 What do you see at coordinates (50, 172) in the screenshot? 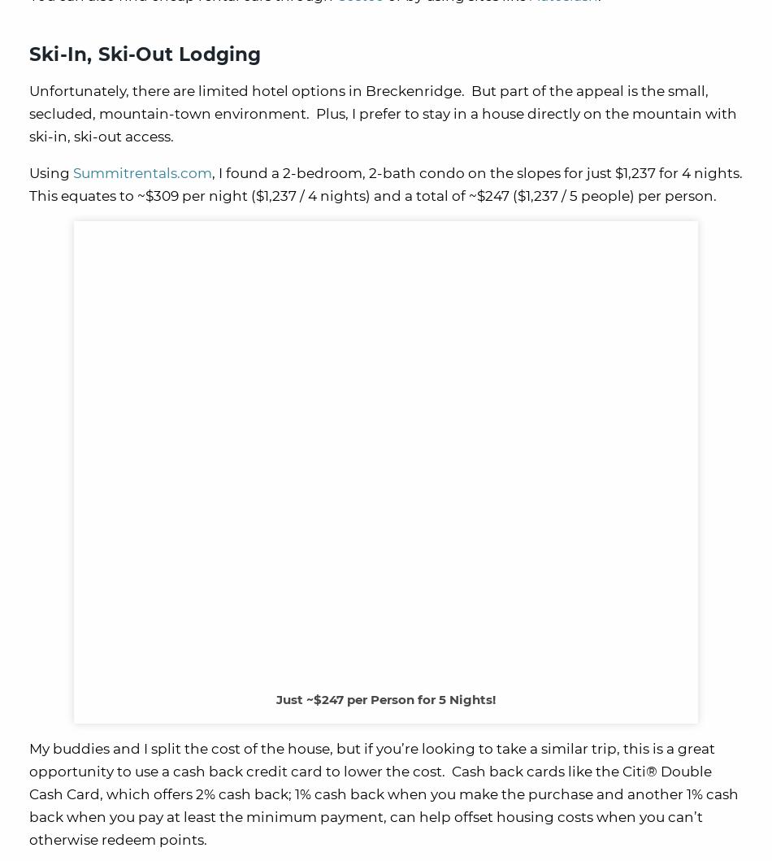
I see `'Using'` at bounding box center [50, 172].